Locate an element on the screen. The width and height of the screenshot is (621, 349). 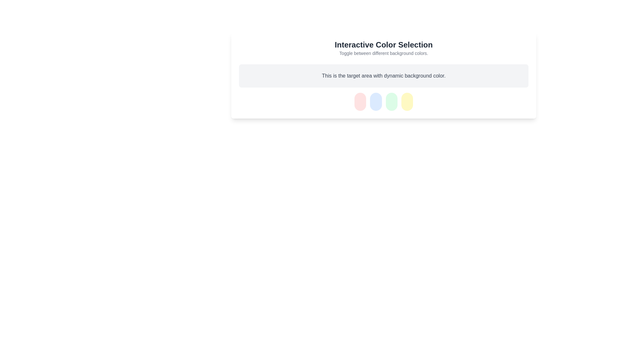
the text element containing the phrase 'This is the target area with dynamic background color.' which is centrally aligned, gray-colored, and positioned below the title 'Interactive Color Selection' is located at coordinates (384, 76).